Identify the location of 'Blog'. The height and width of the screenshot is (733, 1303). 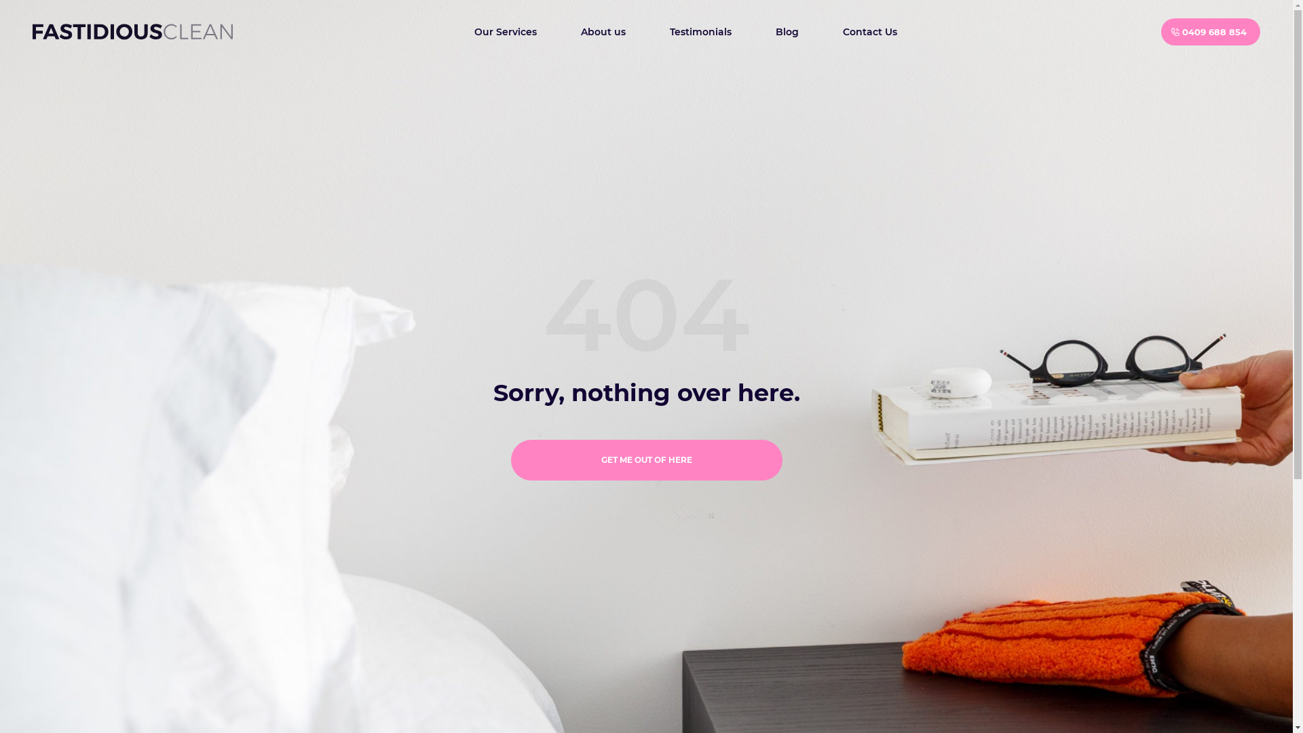
(766, 31).